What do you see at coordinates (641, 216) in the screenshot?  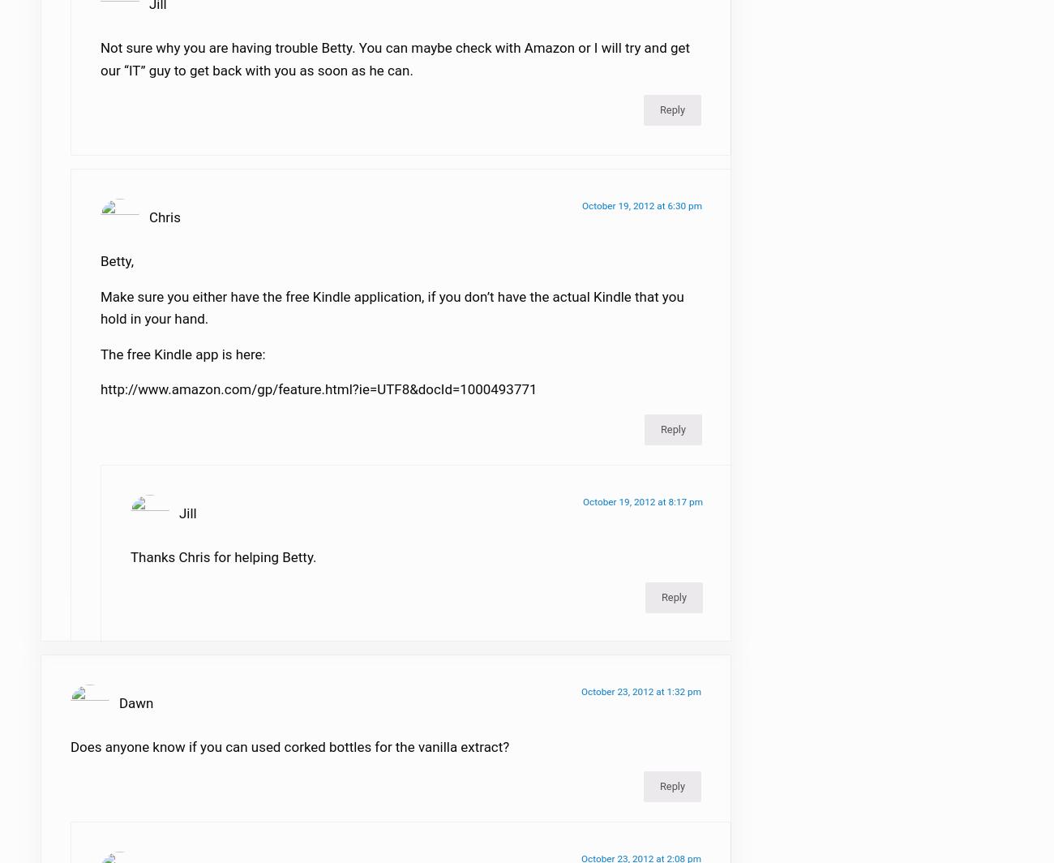 I see `'October 19, 2012 at 6:30 pm'` at bounding box center [641, 216].